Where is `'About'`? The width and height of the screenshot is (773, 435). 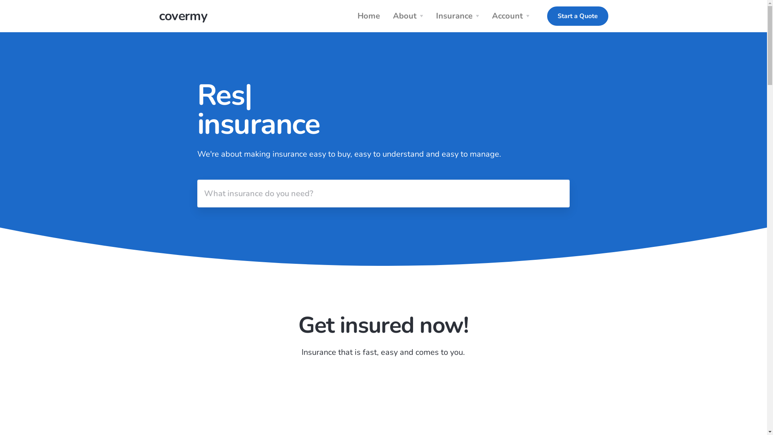
'About' is located at coordinates (409, 16).